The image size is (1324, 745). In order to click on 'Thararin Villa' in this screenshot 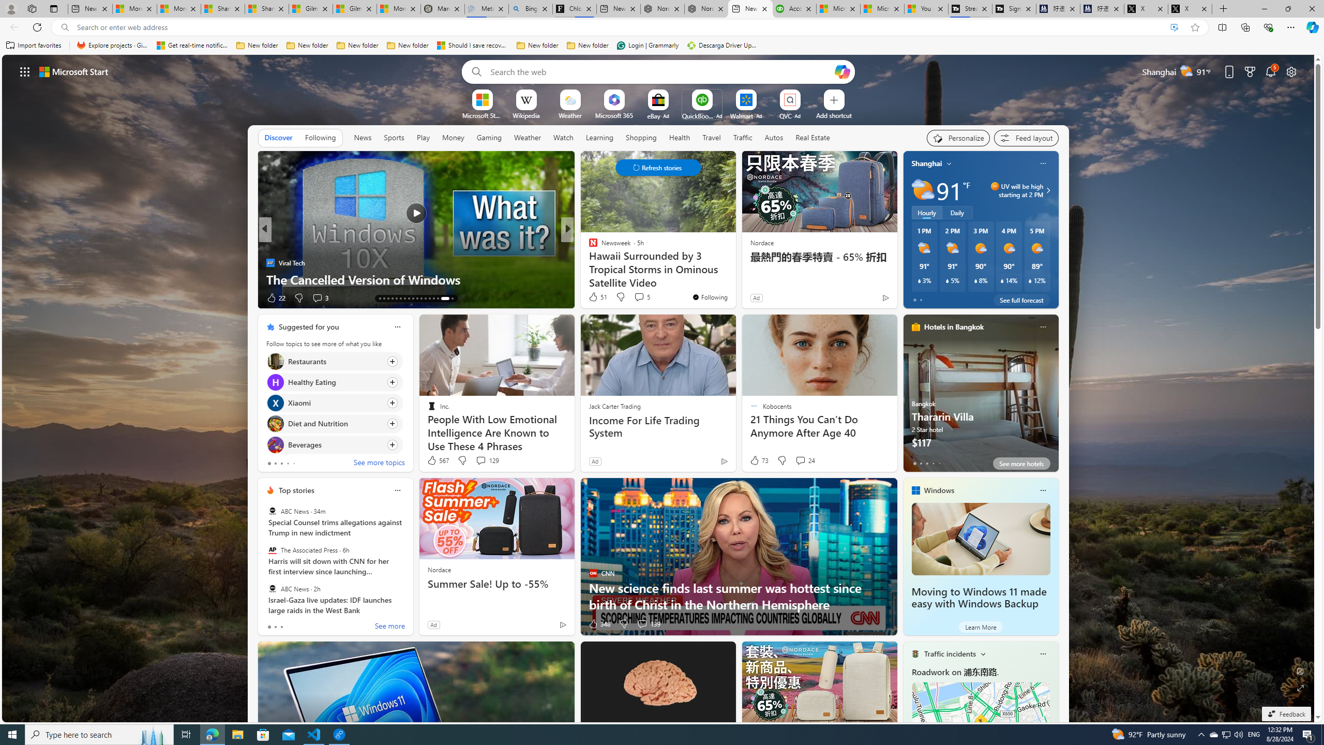, I will do `click(980, 397)`.